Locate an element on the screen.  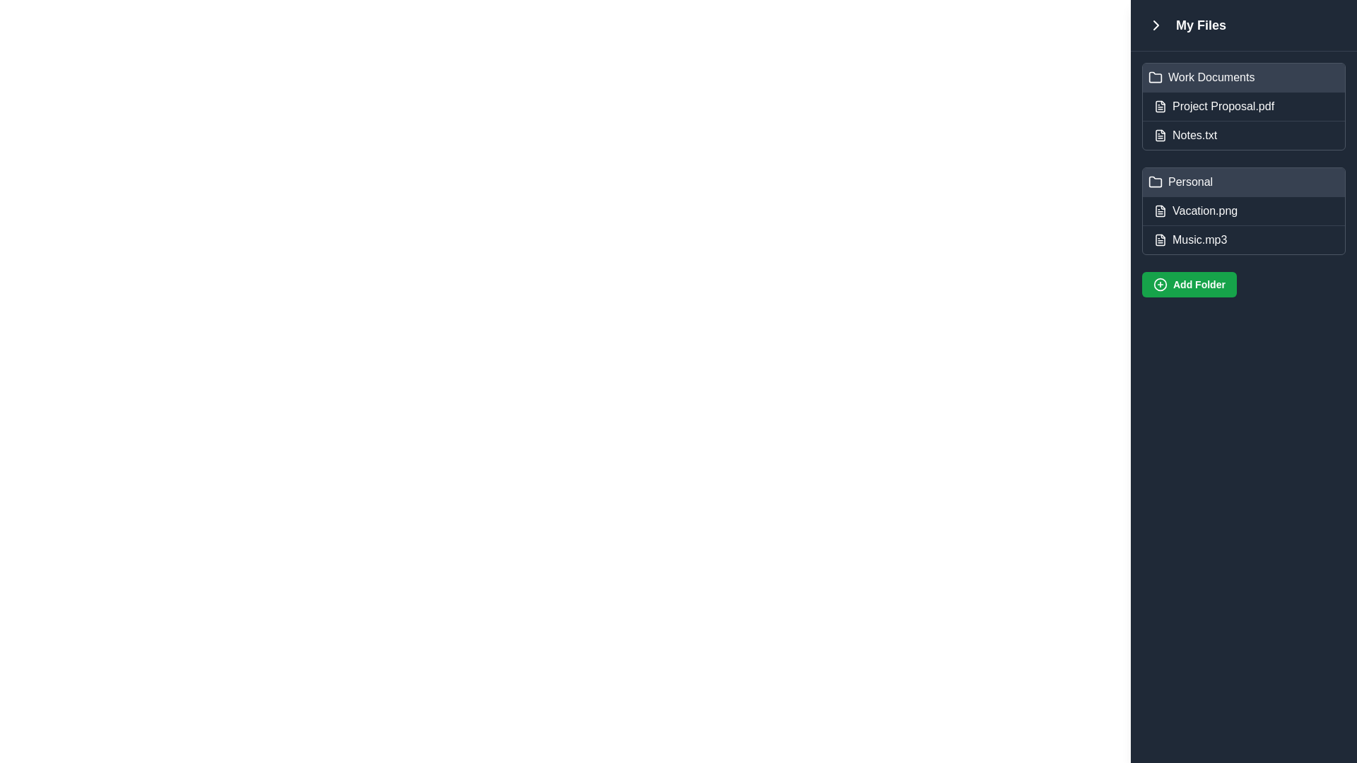
the text of the second list item representing a file or document in the 'Work Documents' section is located at coordinates (1223, 105).